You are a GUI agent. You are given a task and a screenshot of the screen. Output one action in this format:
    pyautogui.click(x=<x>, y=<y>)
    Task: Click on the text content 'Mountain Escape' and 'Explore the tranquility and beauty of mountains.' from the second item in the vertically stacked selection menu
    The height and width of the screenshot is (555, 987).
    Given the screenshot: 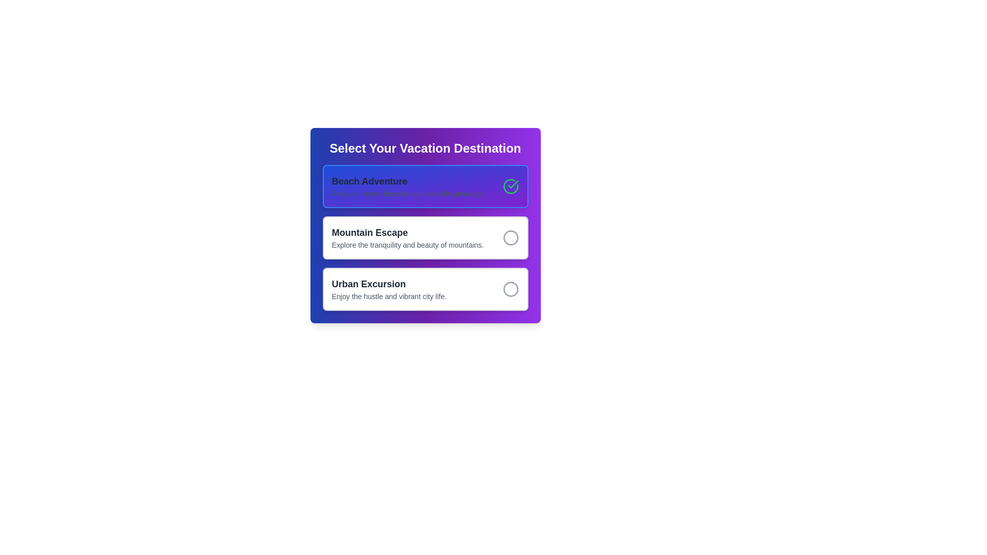 What is the action you would take?
    pyautogui.click(x=407, y=237)
    